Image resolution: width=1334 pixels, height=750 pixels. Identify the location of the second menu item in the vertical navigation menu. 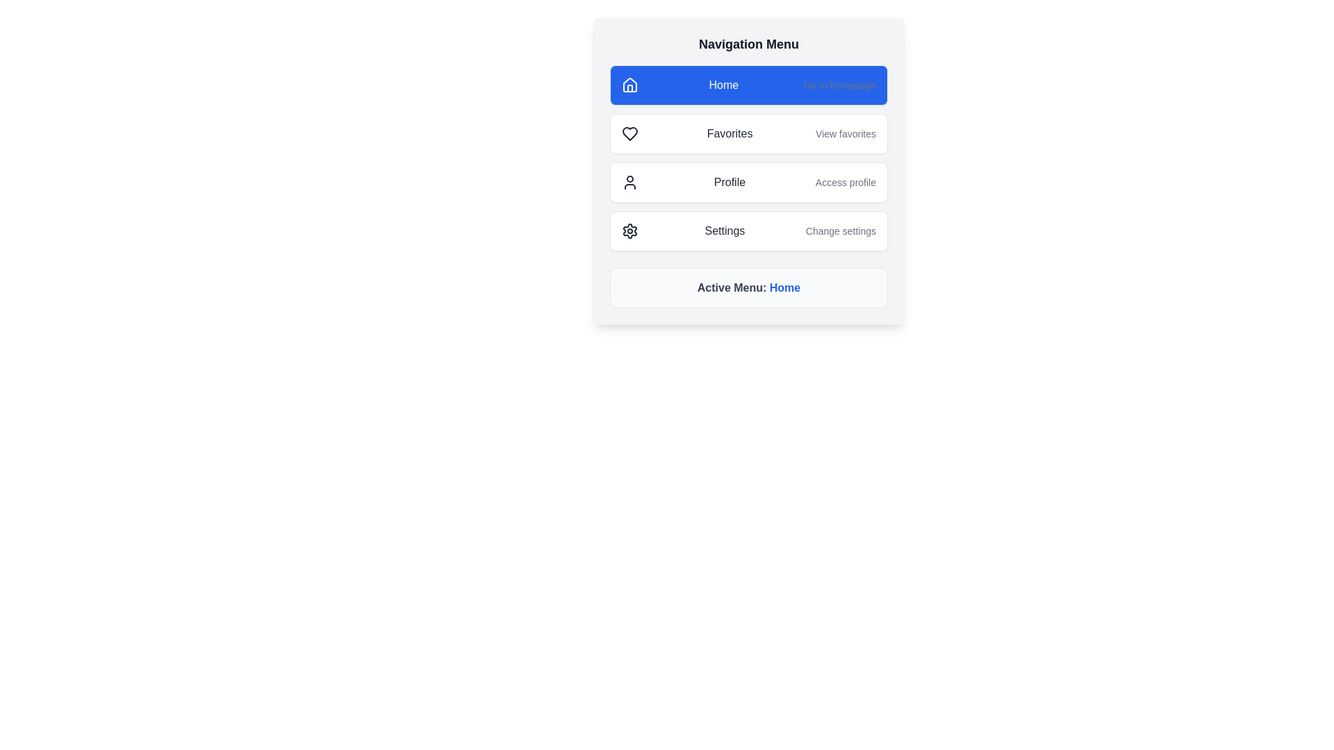
(748, 133).